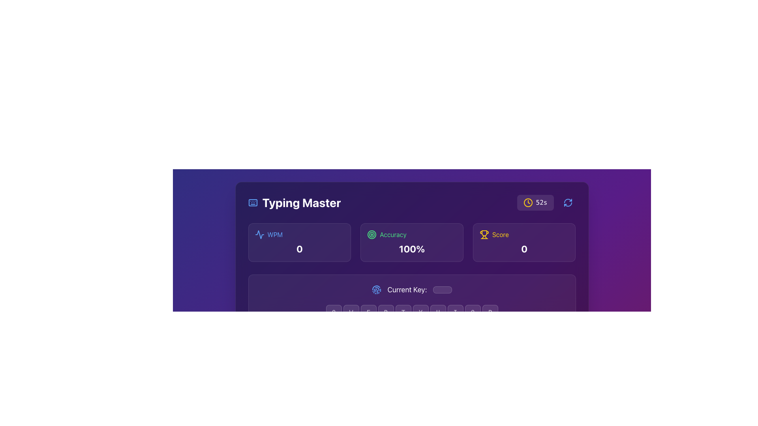  Describe the element at coordinates (299, 242) in the screenshot. I see `displayed information in the Information Display Box that shows the current typing speed in Words Per Minute (WPM), located at the top-left corner of the three-column arrangement under 'Typing Master'` at that location.